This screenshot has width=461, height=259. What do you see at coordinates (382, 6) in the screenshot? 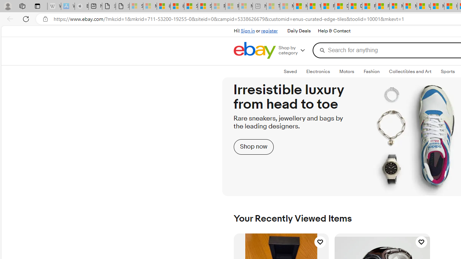
I see `'Foo BAR | Trusted Community Engagement and Contributions'` at bounding box center [382, 6].